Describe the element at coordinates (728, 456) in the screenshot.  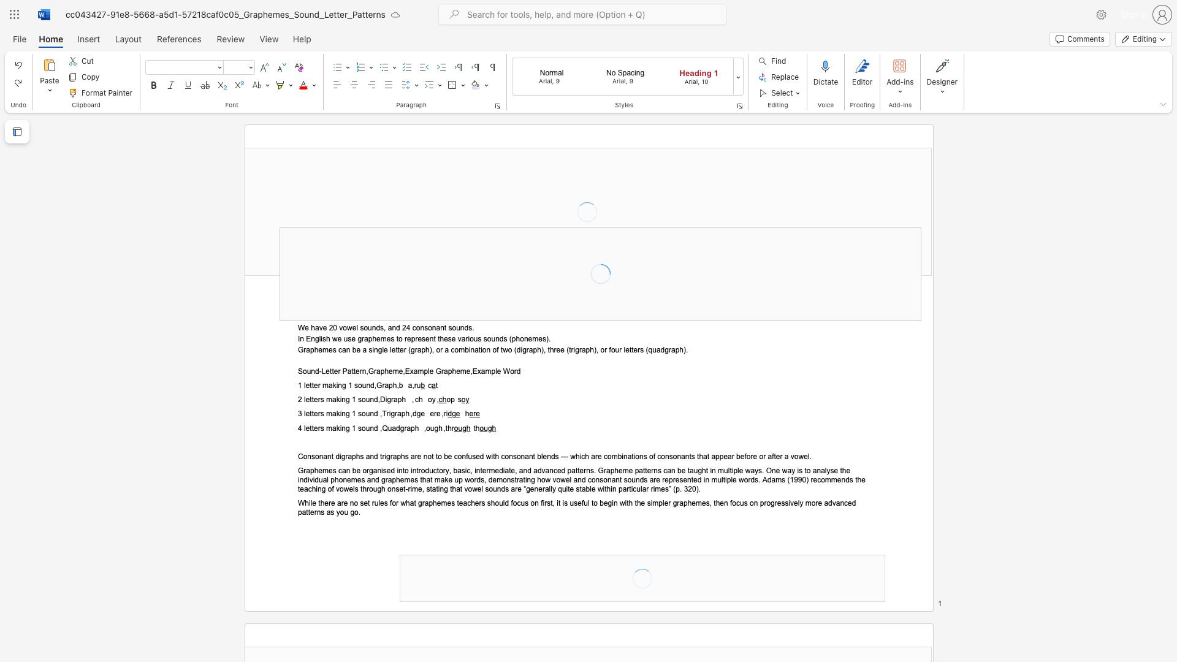
I see `the space between the continuous character "e" and "a" in the text` at that location.